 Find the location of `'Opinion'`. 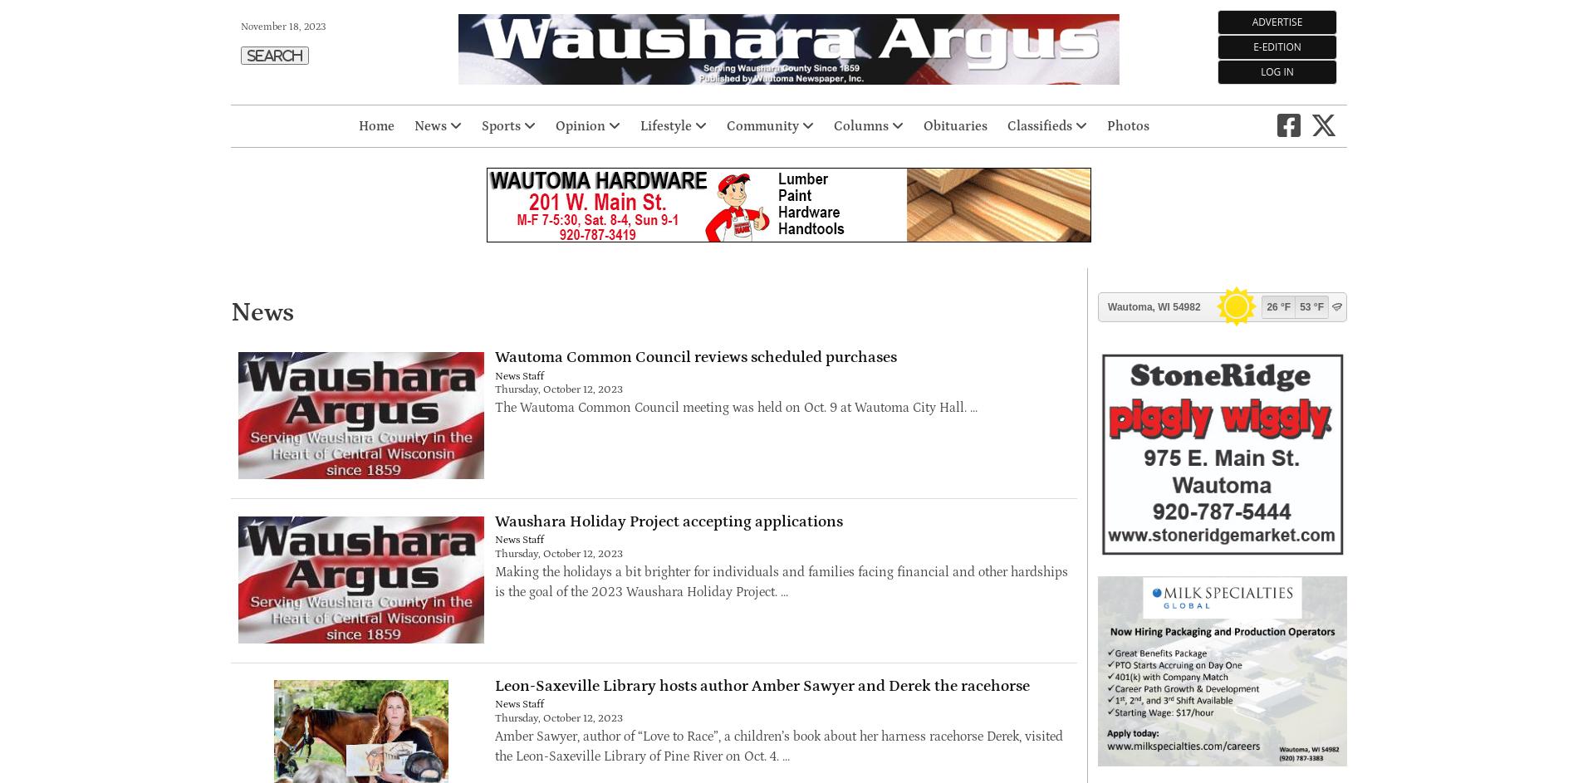

'Opinion' is located at coordinates (581, 126).